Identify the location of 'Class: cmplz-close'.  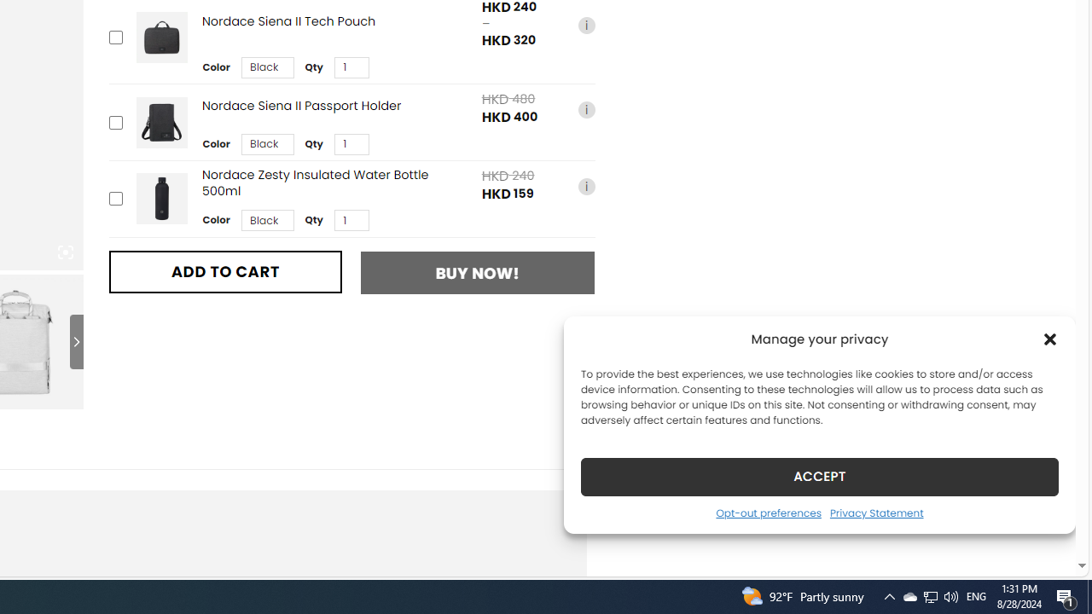
(1049, 339).